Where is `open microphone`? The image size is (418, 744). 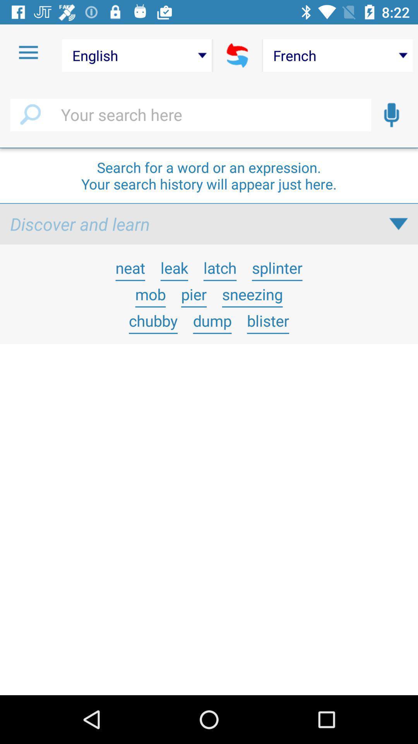 open microphone is located at coordinates (391, 115).